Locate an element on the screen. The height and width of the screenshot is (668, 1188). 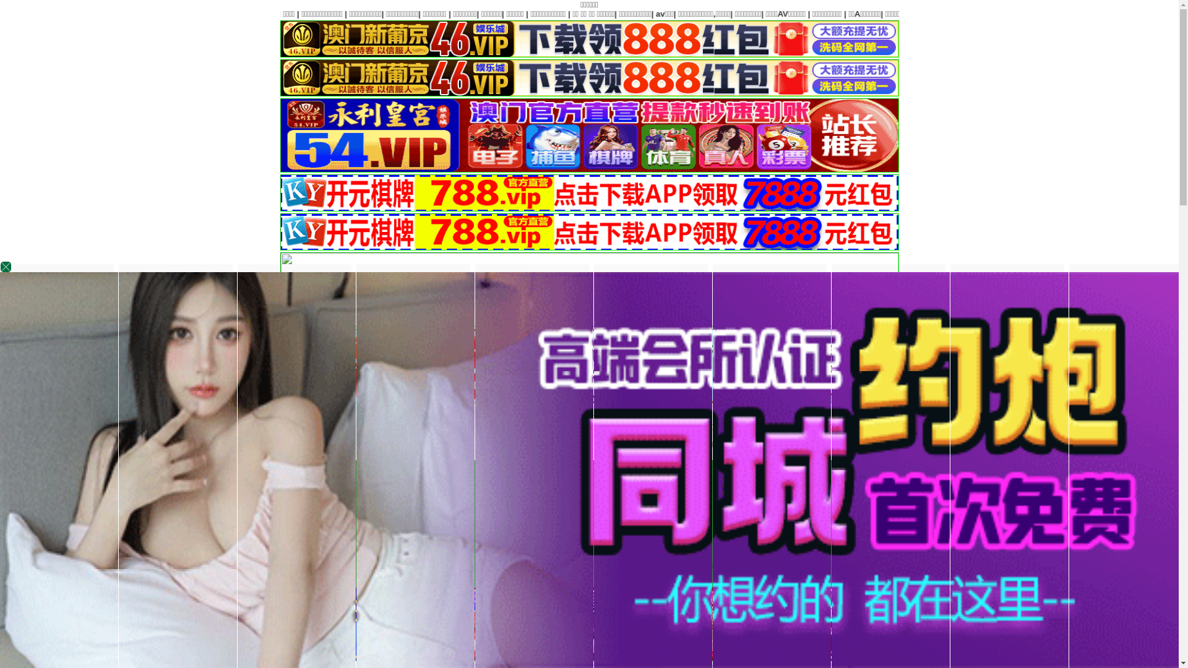
'|' is located at coordinates (816, 14).